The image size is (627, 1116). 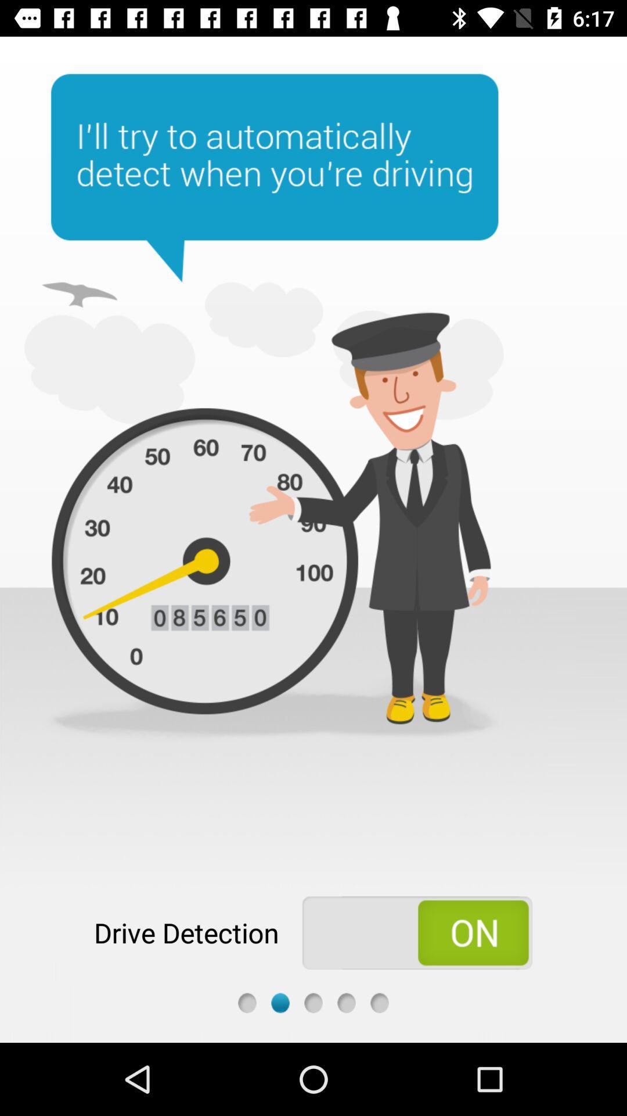 What do you see at coordinates (346, 1002) in the screenshot?
I see `page` at bounding box center [346, 1002].